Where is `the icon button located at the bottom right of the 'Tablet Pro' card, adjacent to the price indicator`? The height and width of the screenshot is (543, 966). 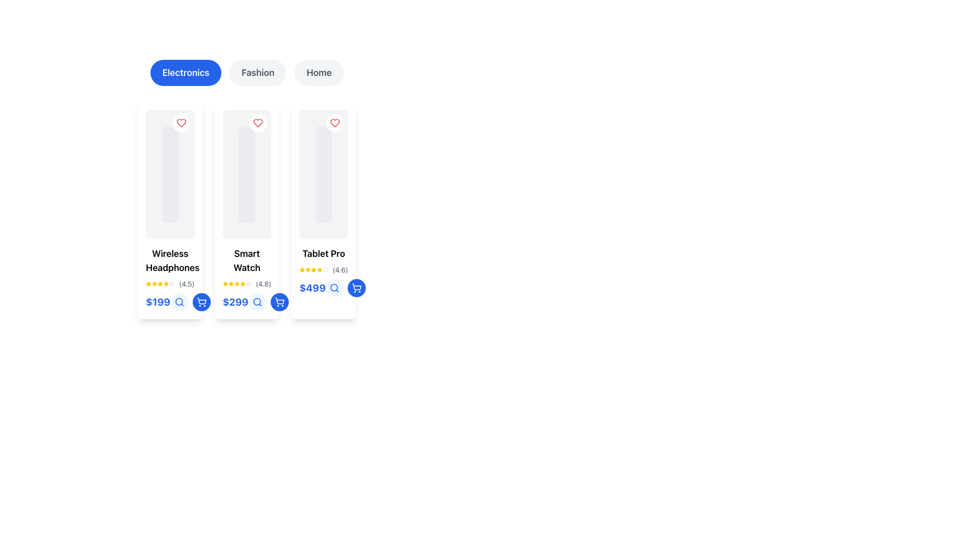 the icon button located at the bottom right of the 'Tablet Pro' card, adjacent to the price indicator is located at coordinates (335, 288).